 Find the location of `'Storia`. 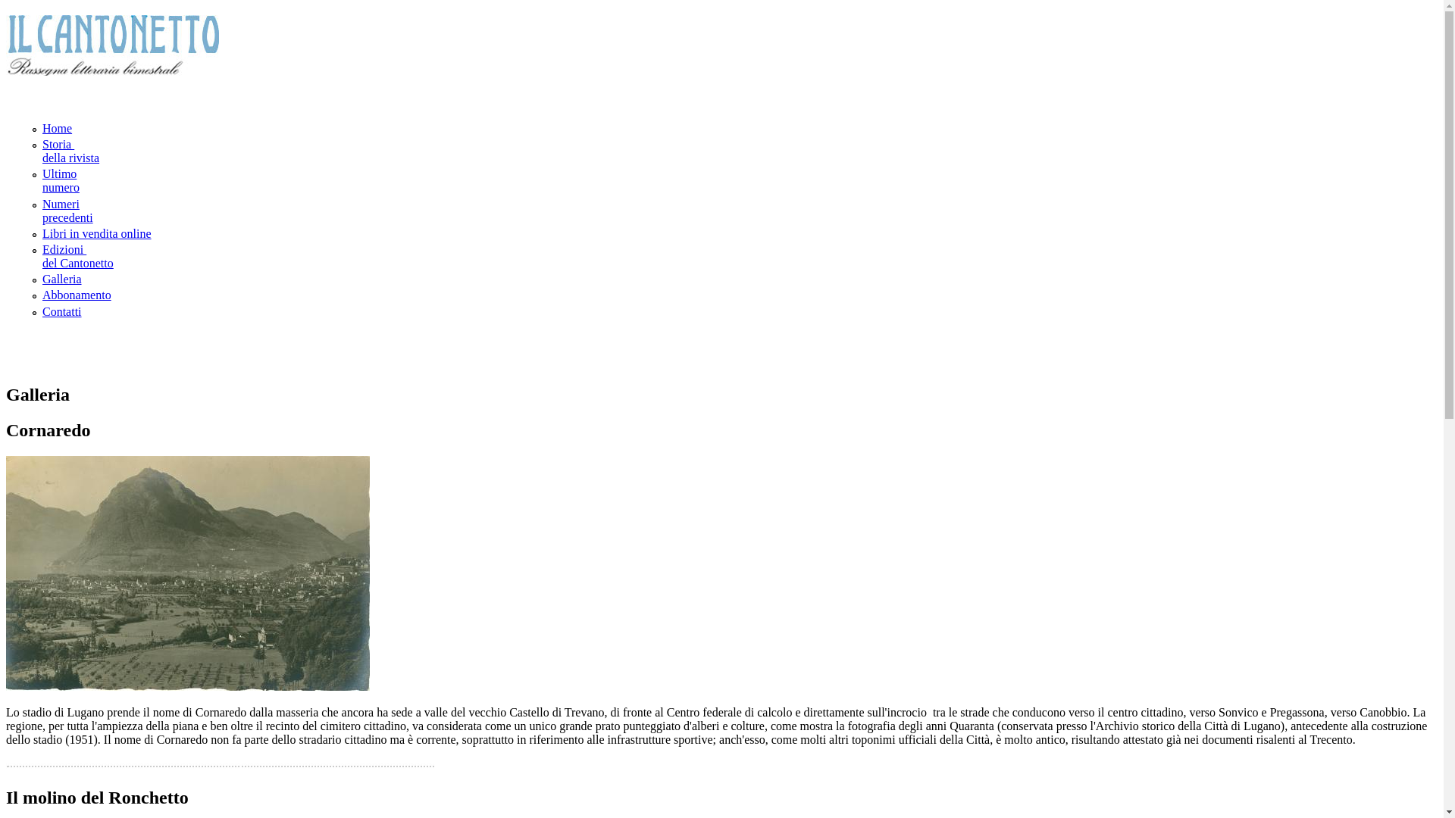

'Storia is located at coordinates (70, 151).